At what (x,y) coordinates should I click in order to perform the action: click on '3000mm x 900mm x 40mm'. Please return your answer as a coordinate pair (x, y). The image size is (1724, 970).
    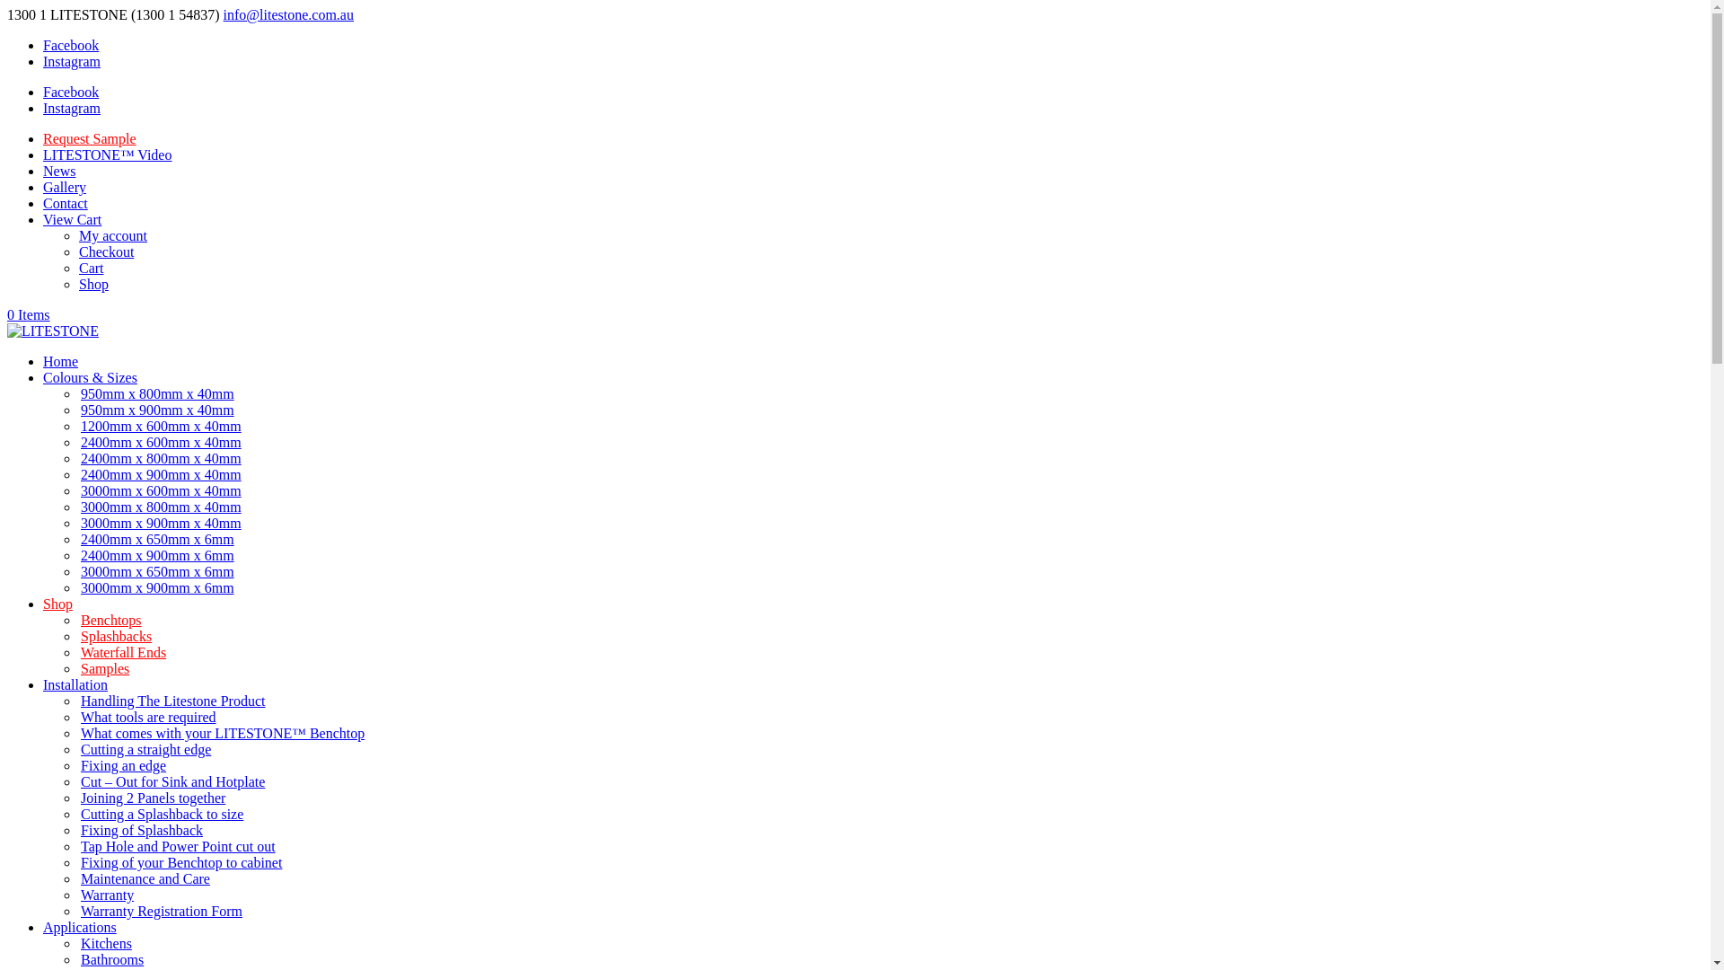
    Looking at the image, I should click on (77, 523).